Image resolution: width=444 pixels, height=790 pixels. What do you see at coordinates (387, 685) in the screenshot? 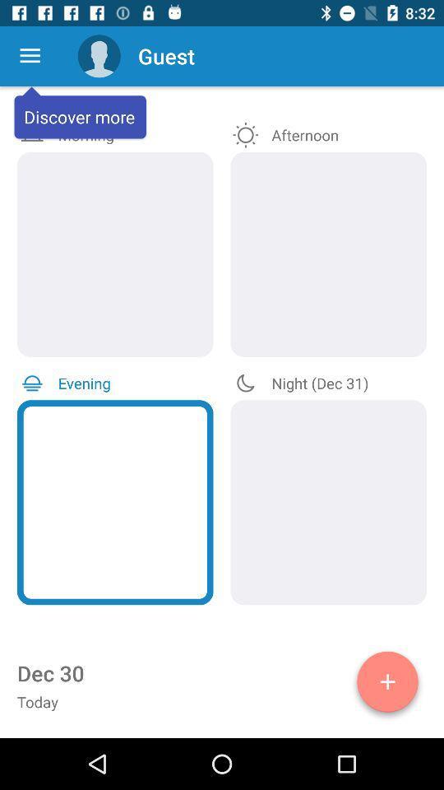
I see `the add icon` at bounding box center [387, 685].